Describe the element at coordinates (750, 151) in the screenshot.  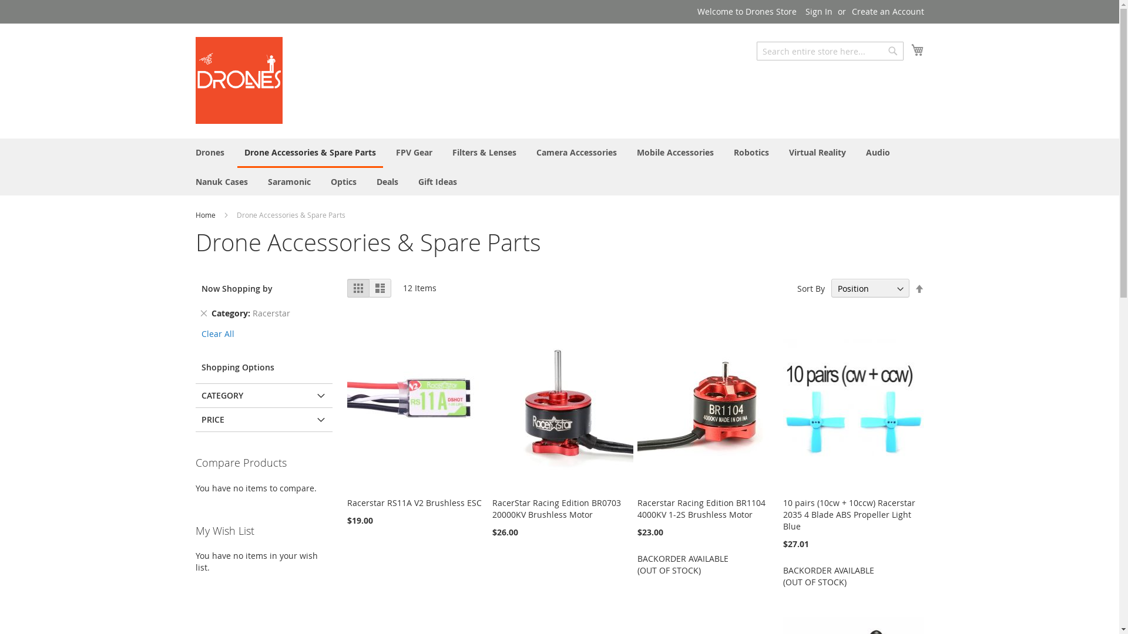
I see `'Robotics'` at that location.